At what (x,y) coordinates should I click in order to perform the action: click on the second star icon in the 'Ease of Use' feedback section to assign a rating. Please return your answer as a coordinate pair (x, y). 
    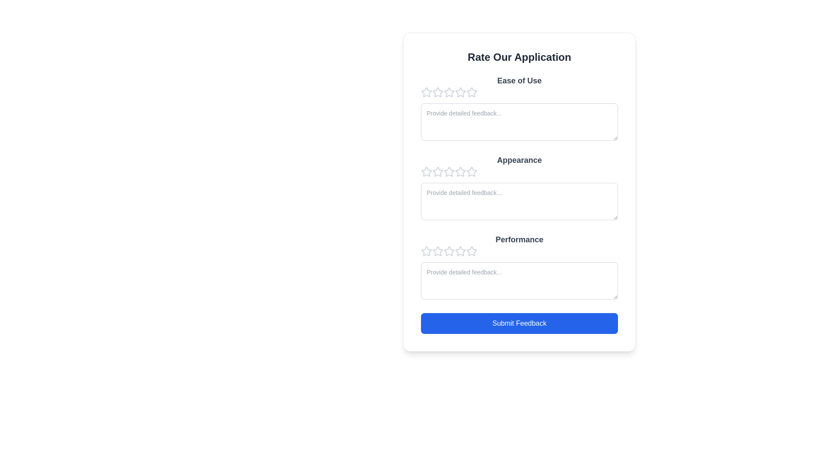
    Looking at the image, I should click on (459, 92).